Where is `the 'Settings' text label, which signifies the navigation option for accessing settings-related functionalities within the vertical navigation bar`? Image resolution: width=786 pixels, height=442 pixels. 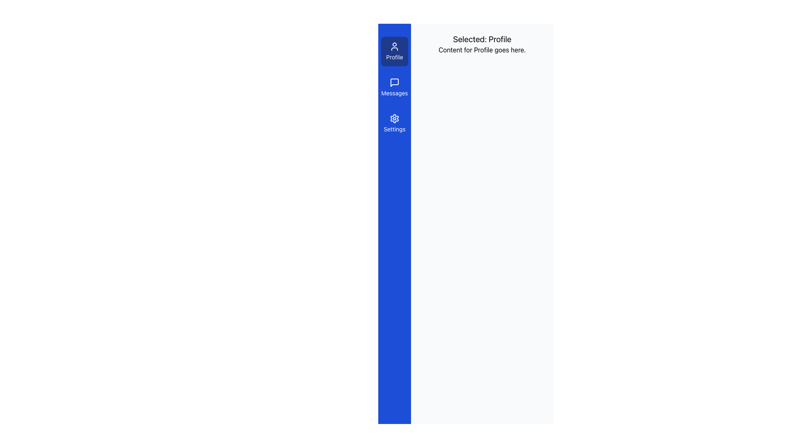
the 'Settings' text label, which signifies the navigation option for accessing settings-related functionalities within the vertical navigation bar is located at coordinates (395, 129).